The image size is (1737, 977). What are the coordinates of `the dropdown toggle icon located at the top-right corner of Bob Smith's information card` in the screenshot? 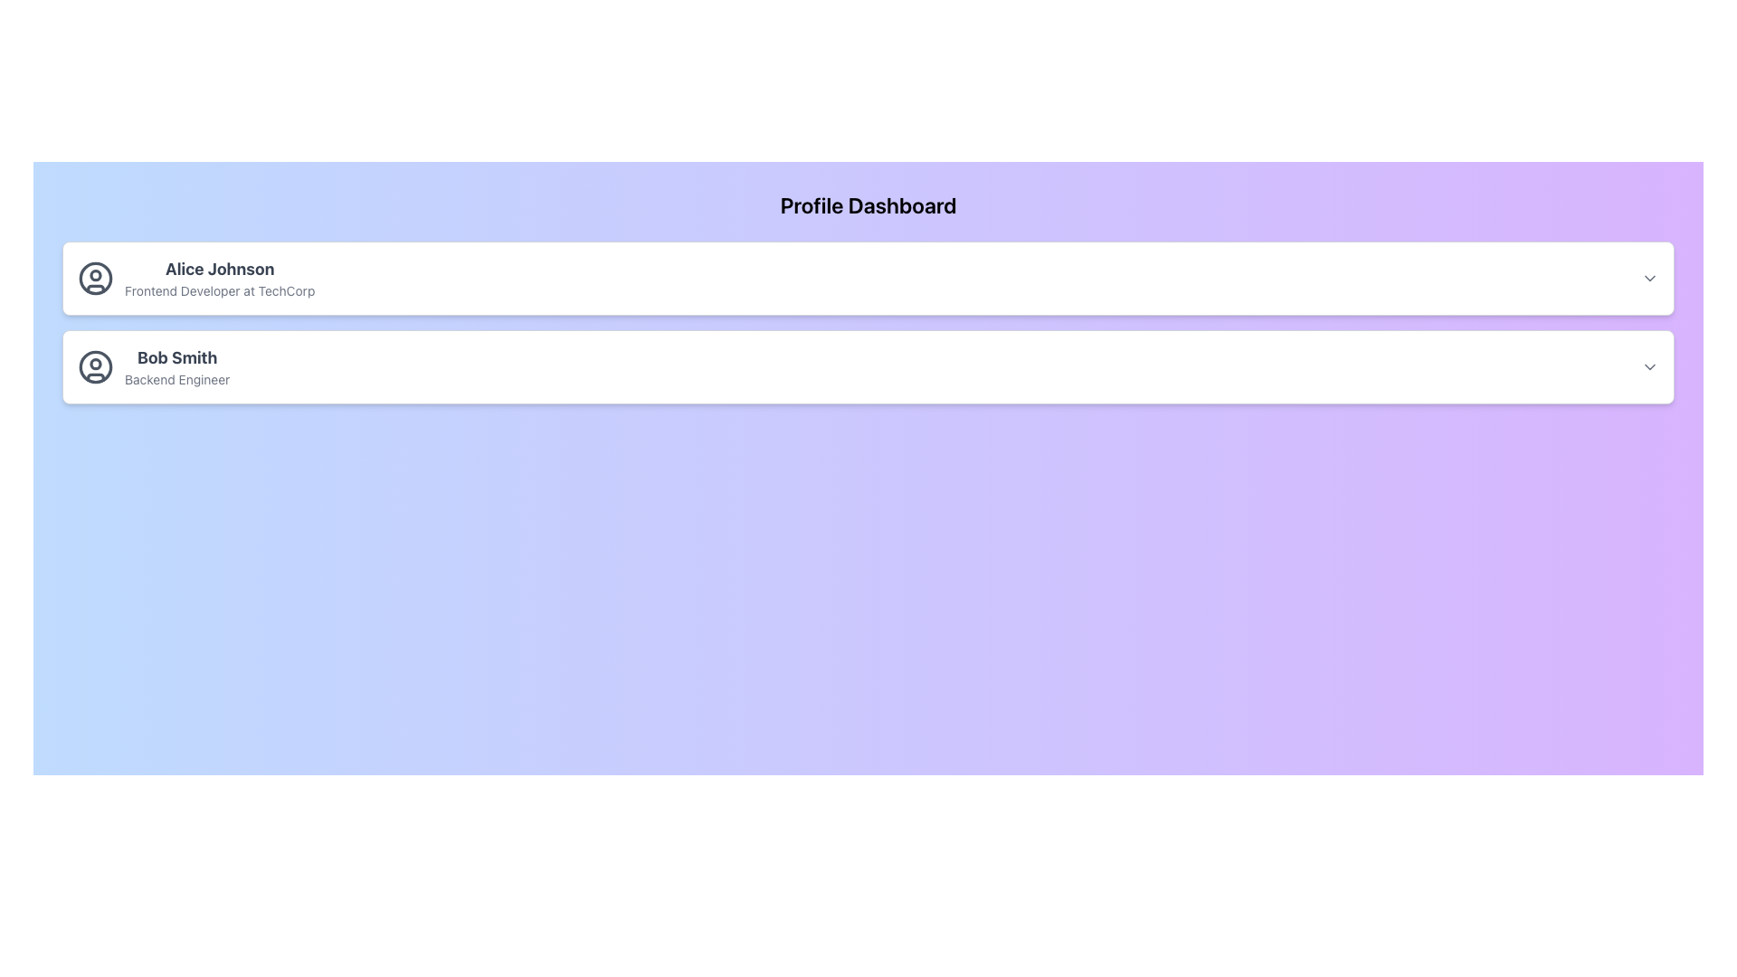 It's located at (1650, 366).